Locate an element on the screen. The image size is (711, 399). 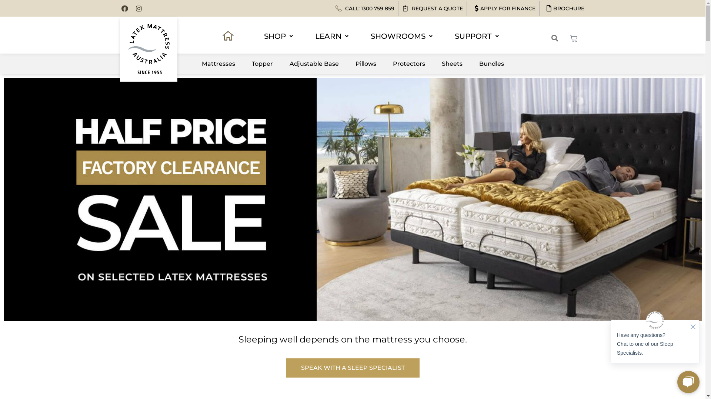
'Sheets' is located at coordinates (451, 64).